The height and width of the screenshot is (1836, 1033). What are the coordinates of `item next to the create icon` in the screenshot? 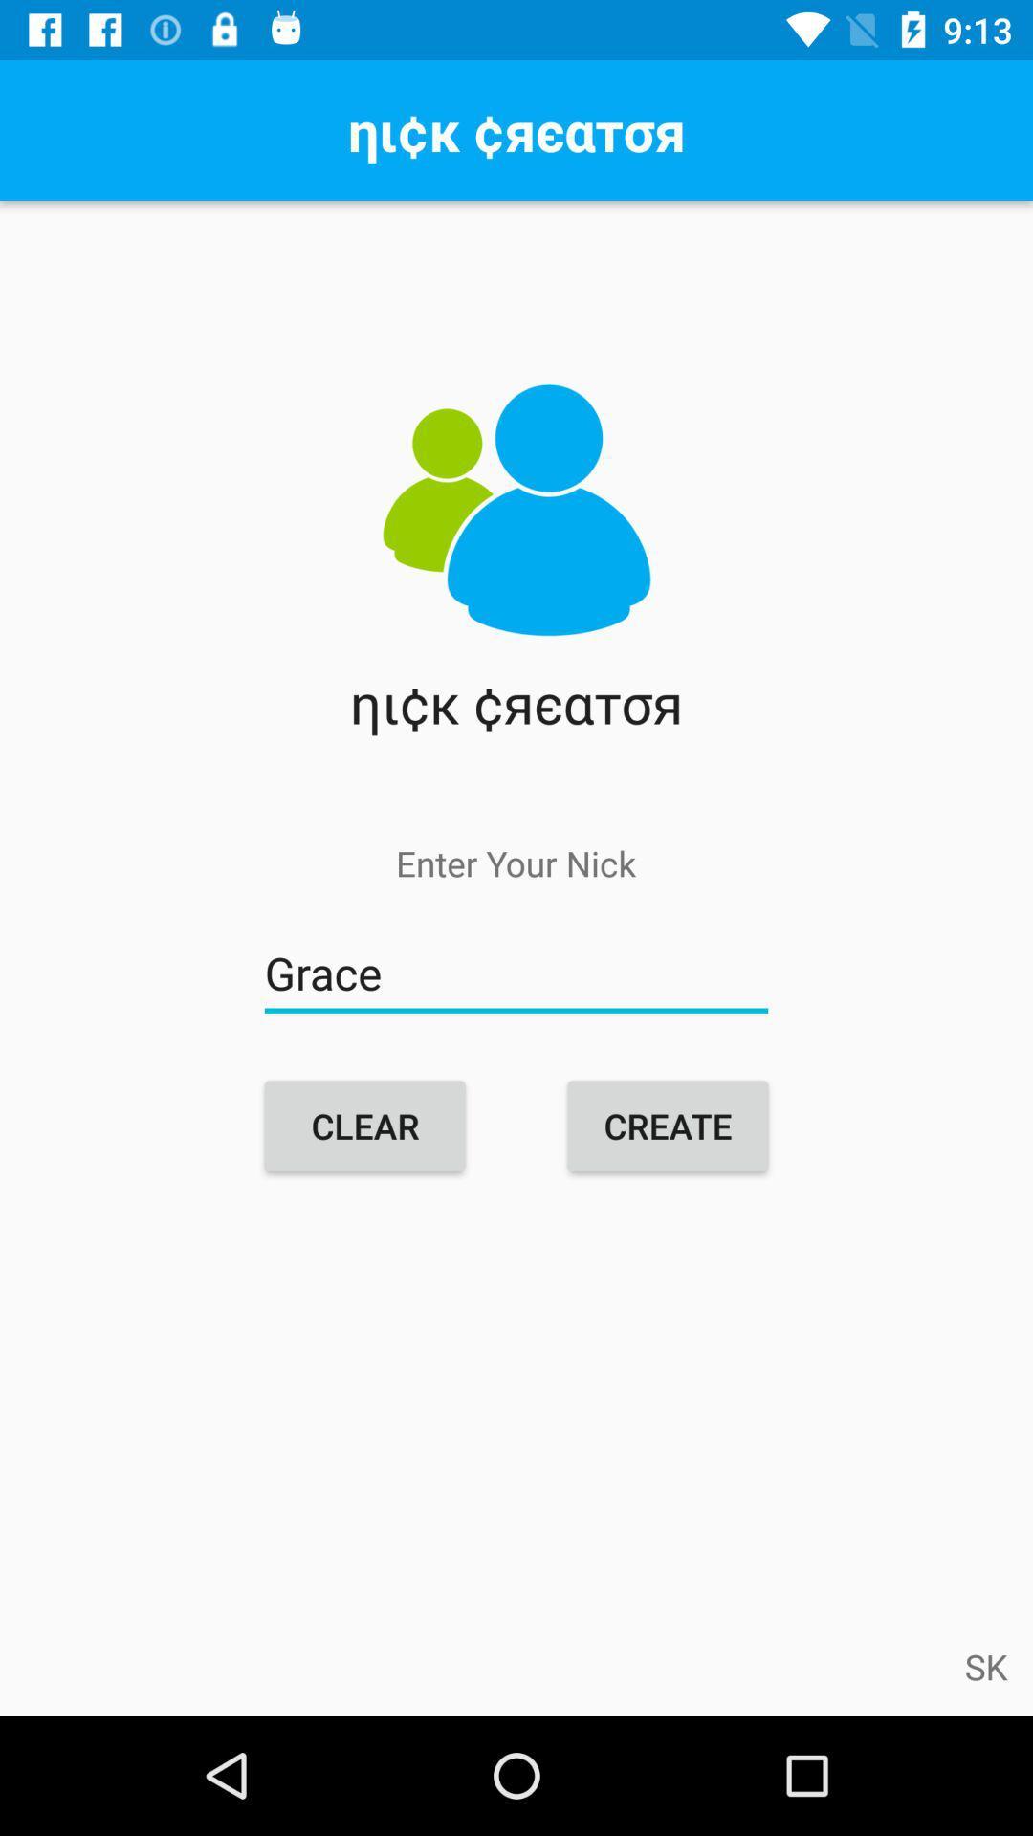 It's located at (364, 1126).